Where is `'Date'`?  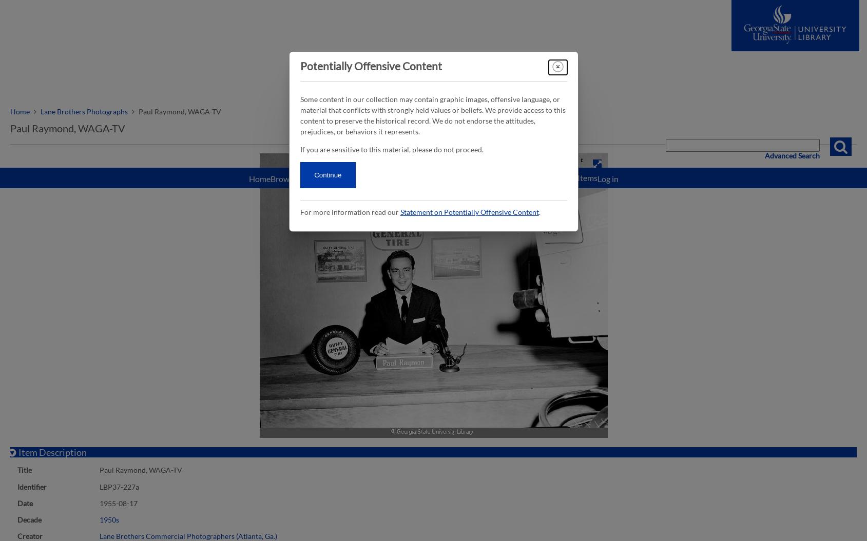
'Date' is located at coordinates (24, 503).